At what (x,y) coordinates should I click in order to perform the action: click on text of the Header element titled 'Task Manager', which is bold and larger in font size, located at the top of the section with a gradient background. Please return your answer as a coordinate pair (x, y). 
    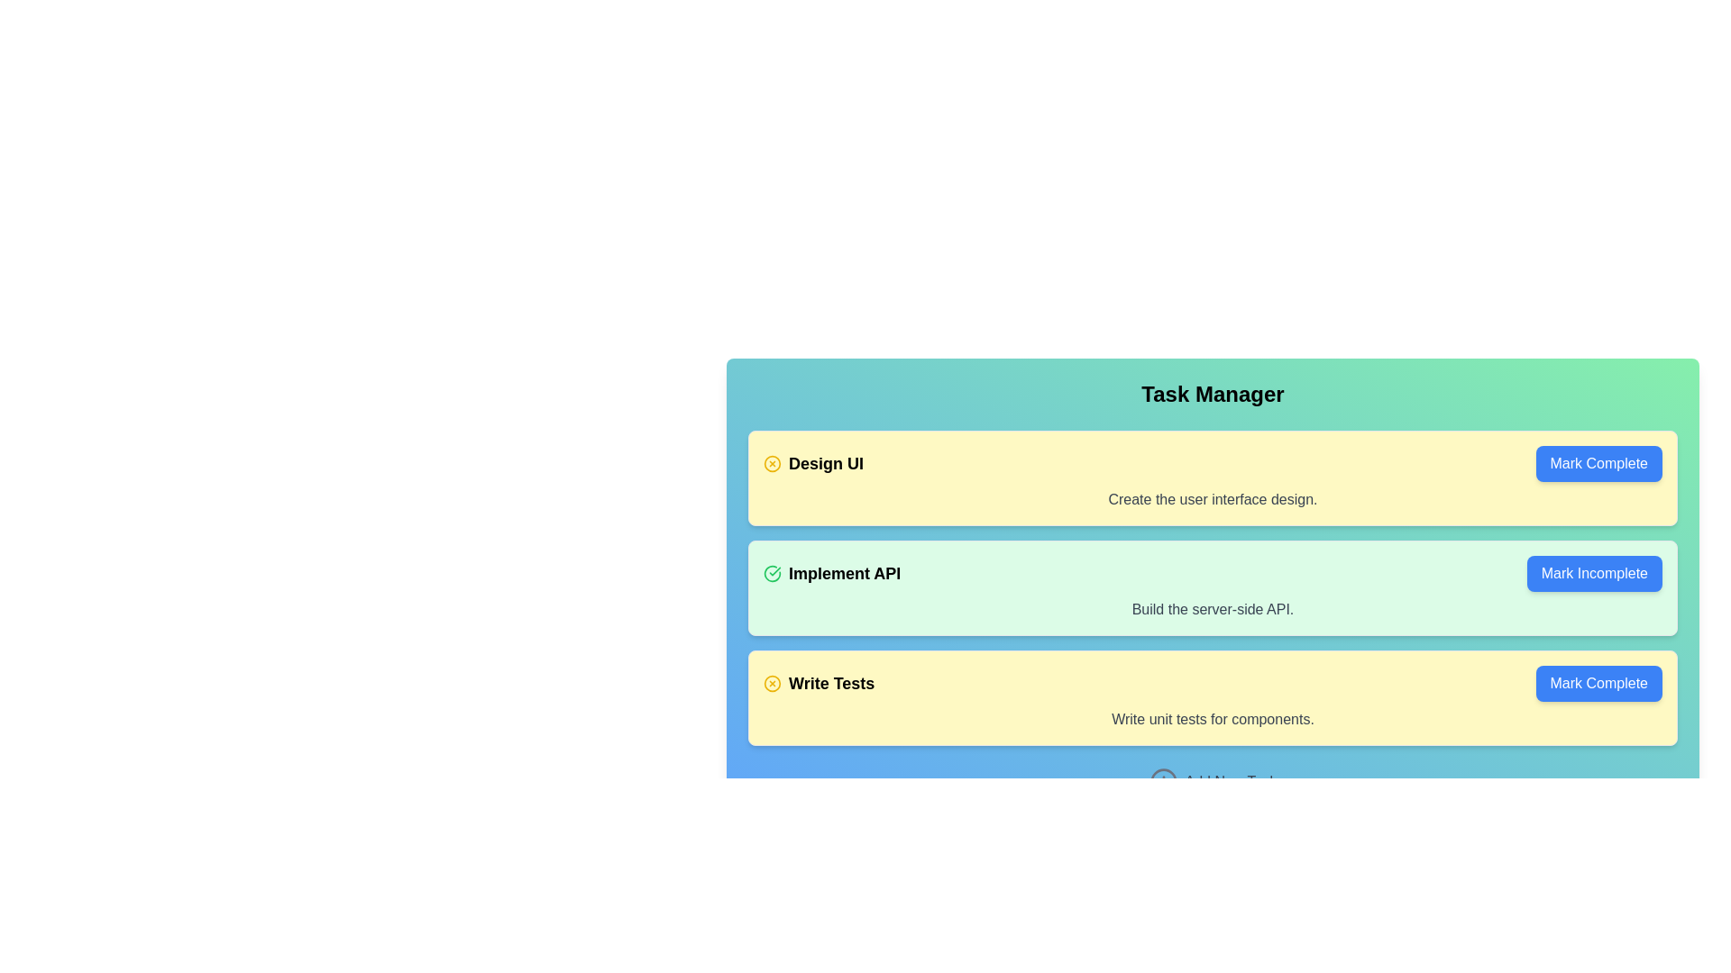
    Looking at the image, I should click on (1213, 394).